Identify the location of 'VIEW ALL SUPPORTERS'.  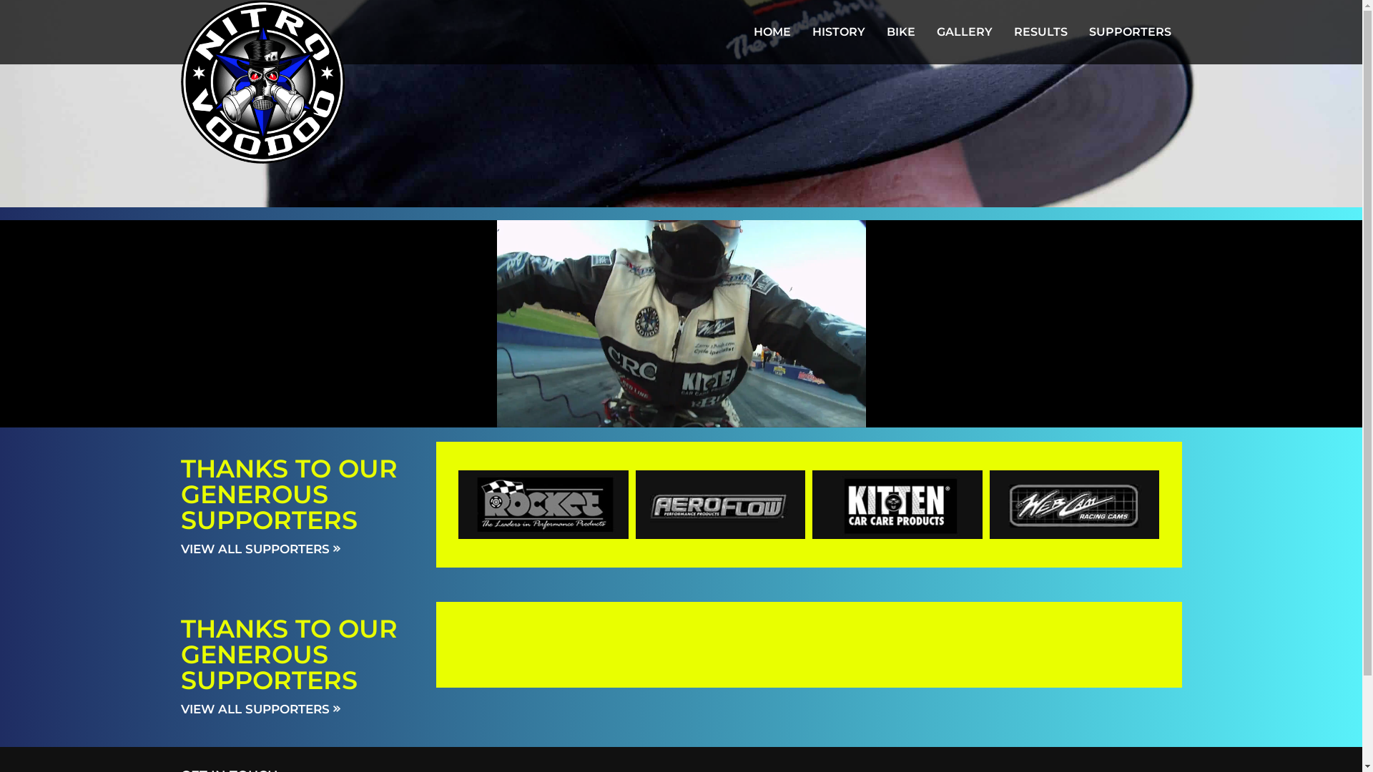
(260, 708).